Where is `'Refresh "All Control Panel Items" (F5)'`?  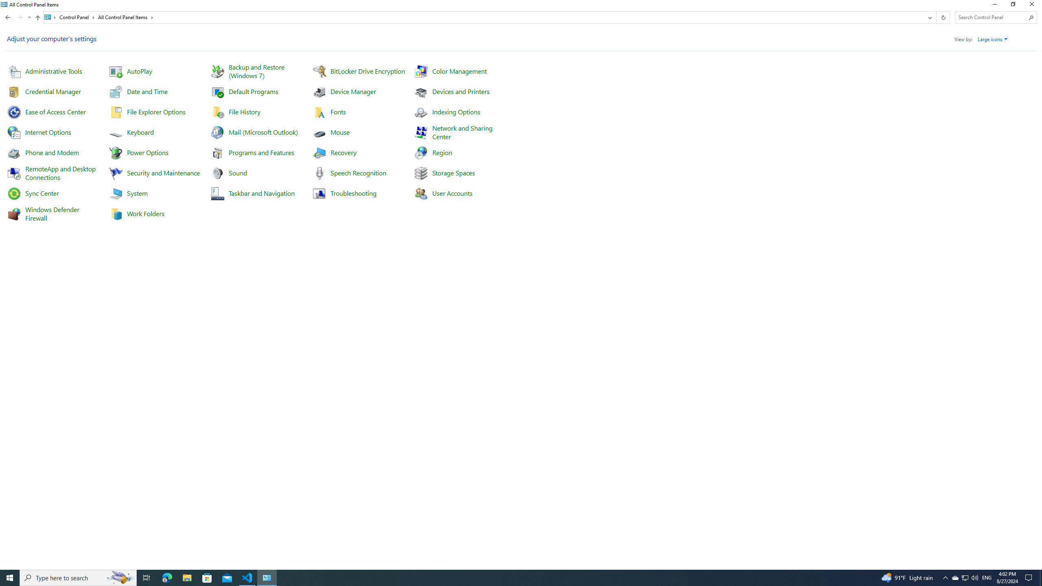 'Refresh "All Control Panel Items" (F5)' is located at coordinates (942, 17).